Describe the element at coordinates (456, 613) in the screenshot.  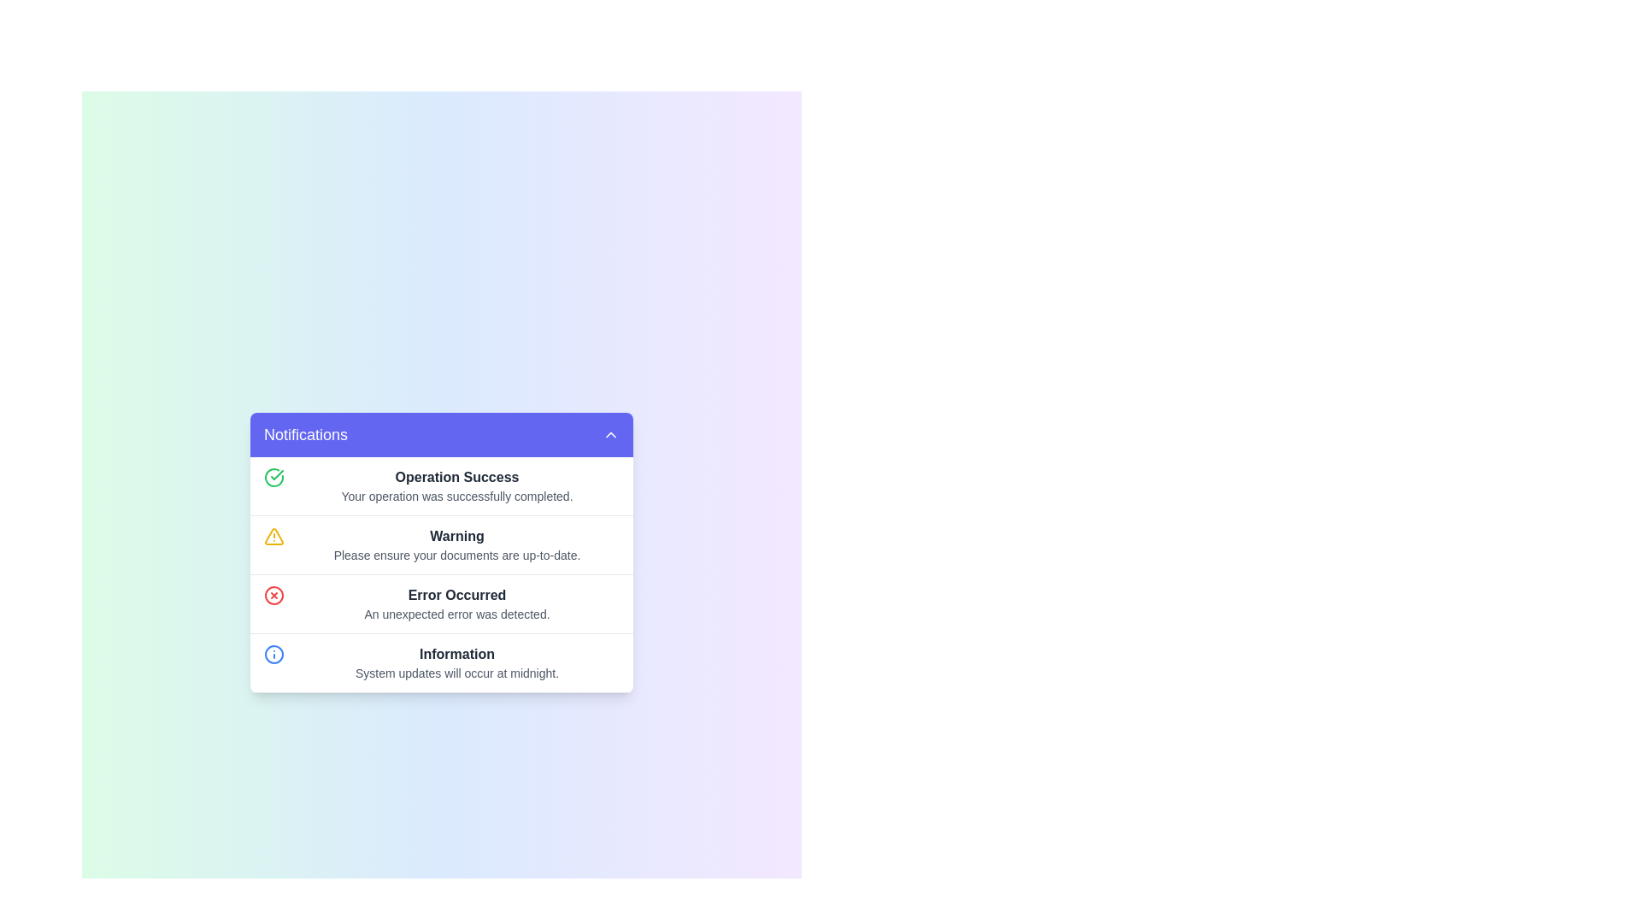
I see `the text label displaying 'An unexpected error was detected.' which is styled in a small, gray font and located below the bold heading 'Error Occurred' in the notification popup` at that location.